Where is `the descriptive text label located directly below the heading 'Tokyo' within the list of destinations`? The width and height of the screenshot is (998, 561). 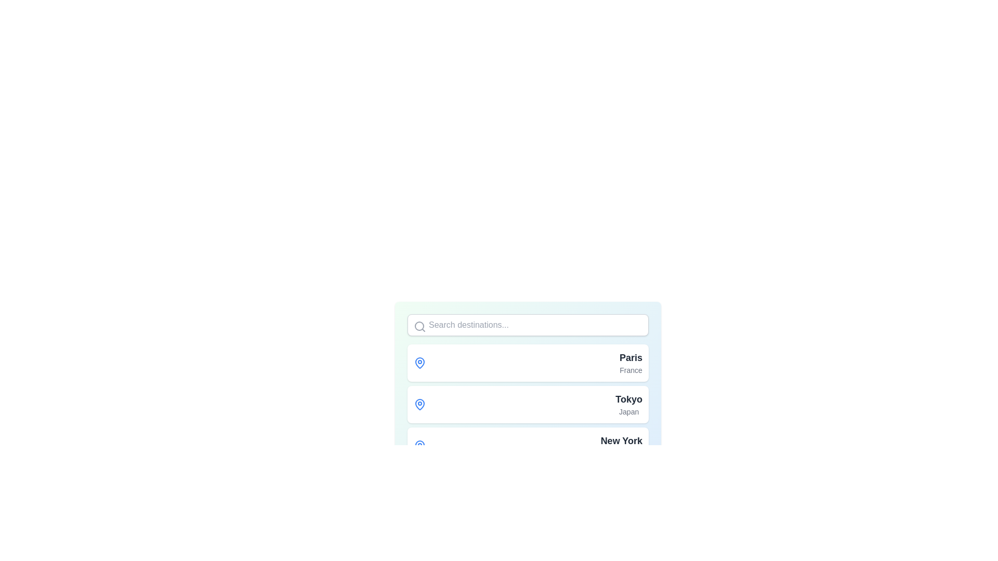 the descriptive text label located directly below the heading 'Tokyo' within the list of destinations is located at coordinates (628, 411).